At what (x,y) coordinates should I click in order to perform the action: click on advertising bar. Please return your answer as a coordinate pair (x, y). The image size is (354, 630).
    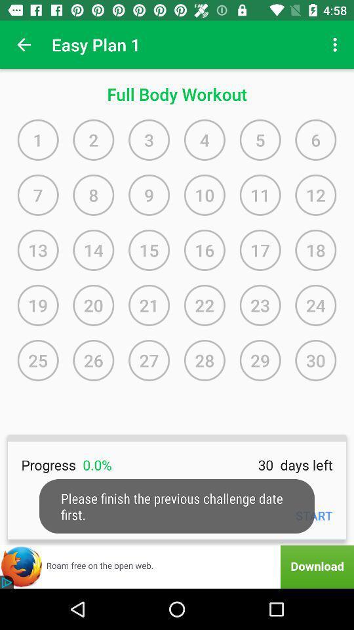
    Looking at the image, I should click on (177, 566).